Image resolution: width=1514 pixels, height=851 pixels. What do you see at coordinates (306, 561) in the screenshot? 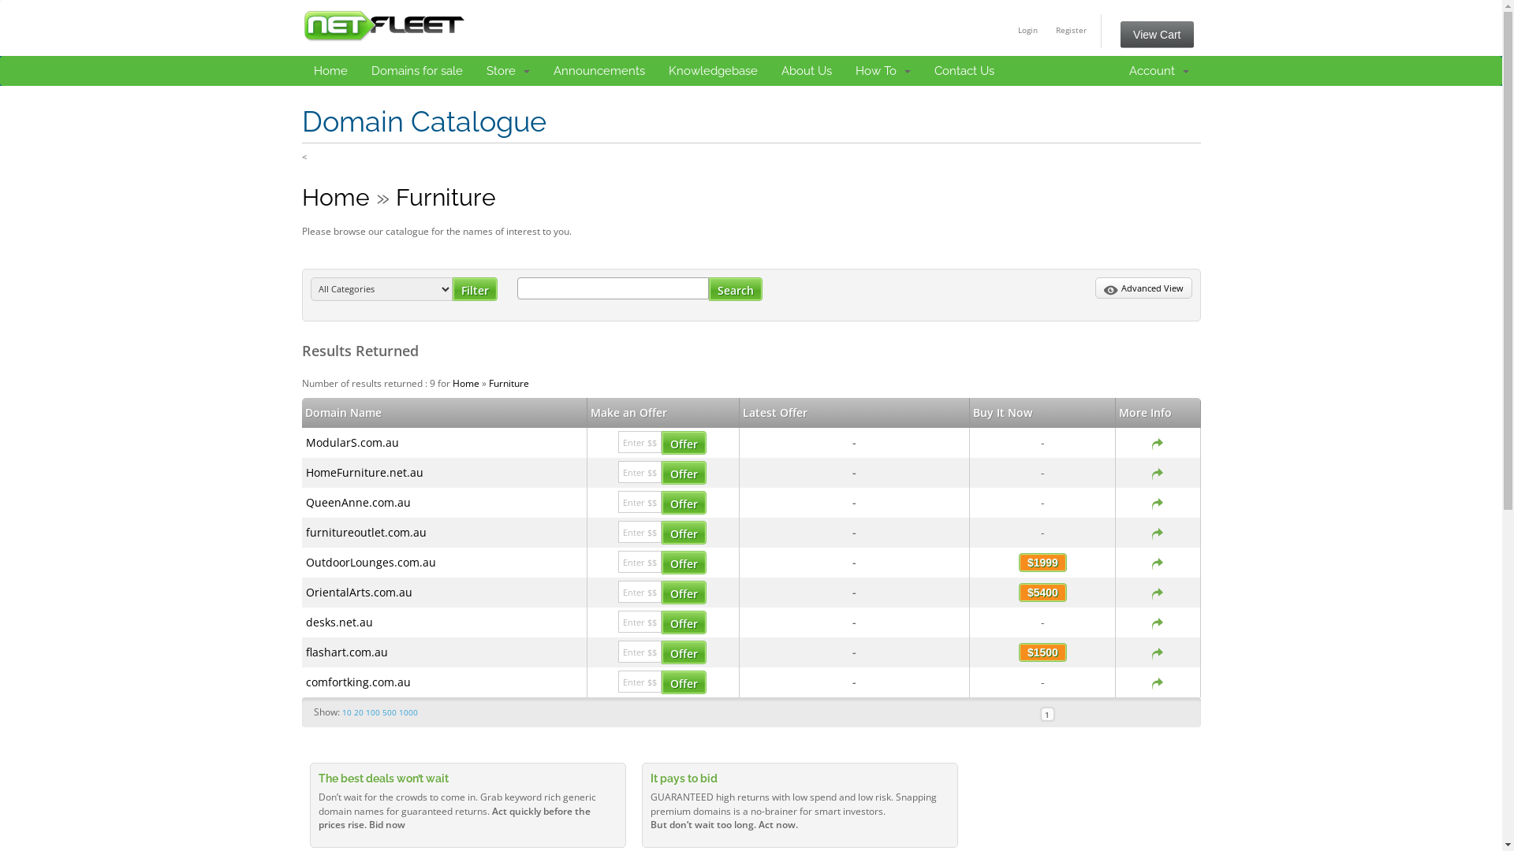
I see `'OutdoorLounges.com.au'` at bounding box center [306, 561].